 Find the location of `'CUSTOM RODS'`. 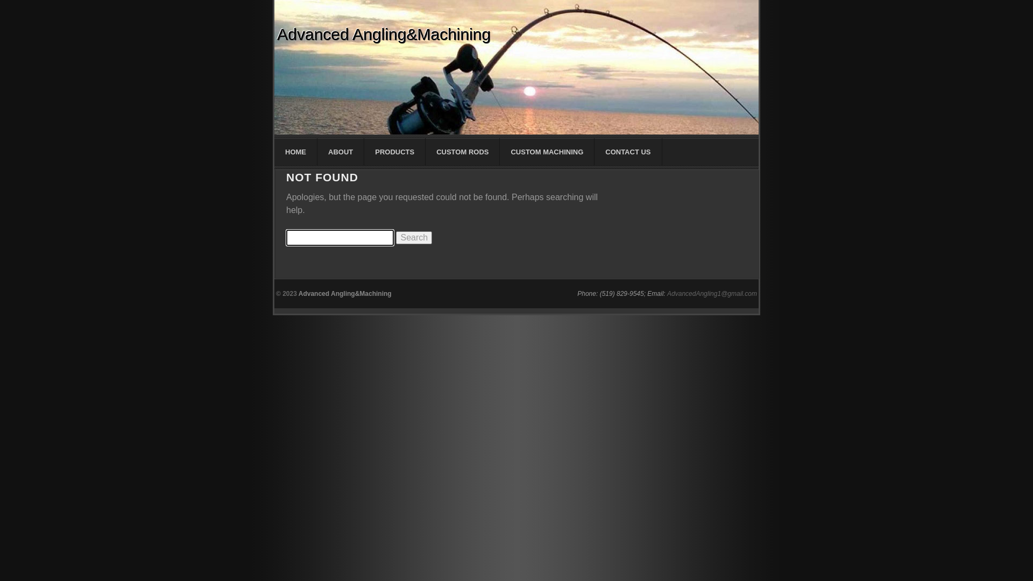

'CUSTOM RODS' is located at coordinates (462, 152).